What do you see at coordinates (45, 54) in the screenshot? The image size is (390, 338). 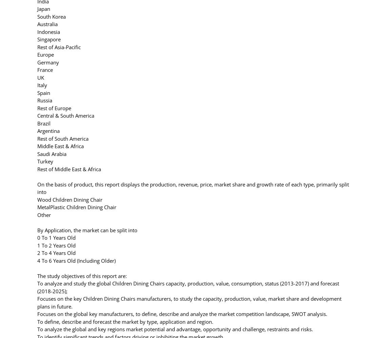 I see `'Europe'` at bounding box center [45, 54].